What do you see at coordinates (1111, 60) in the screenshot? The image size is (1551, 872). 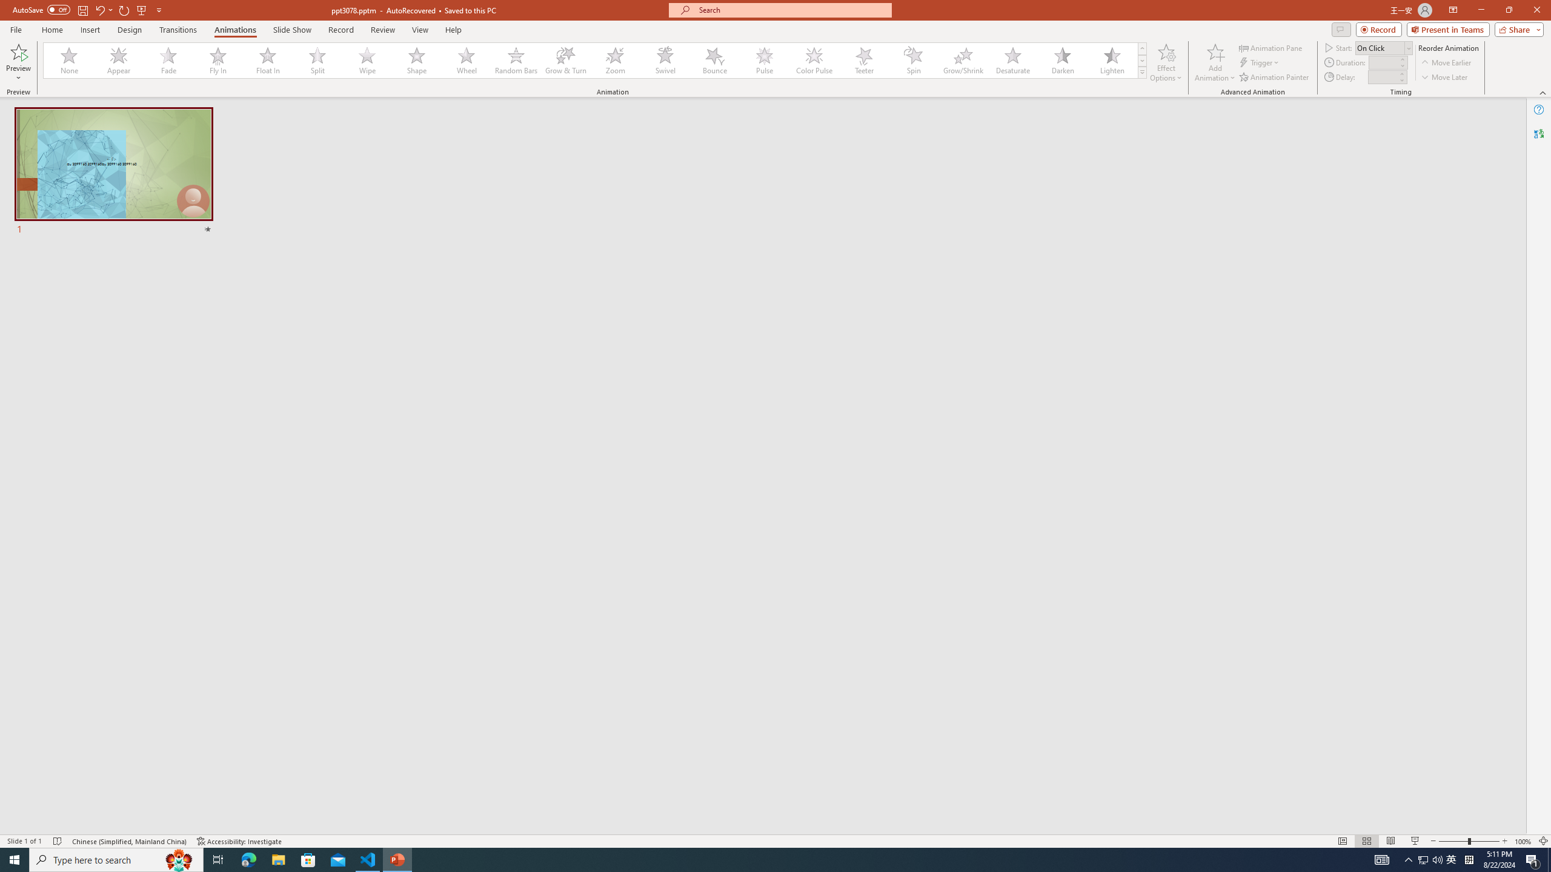 I see `'Lighten'` at bounding box center [1111, 60].